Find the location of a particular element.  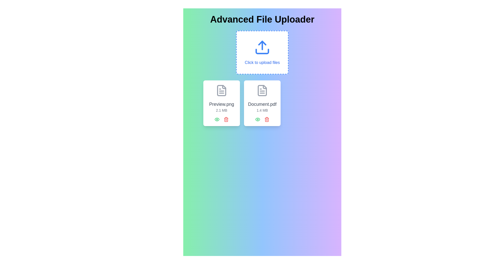

the leftmost file document icon, which is above the text 'Preview.png 2.1 MB' is located at coordinates (221, 90).